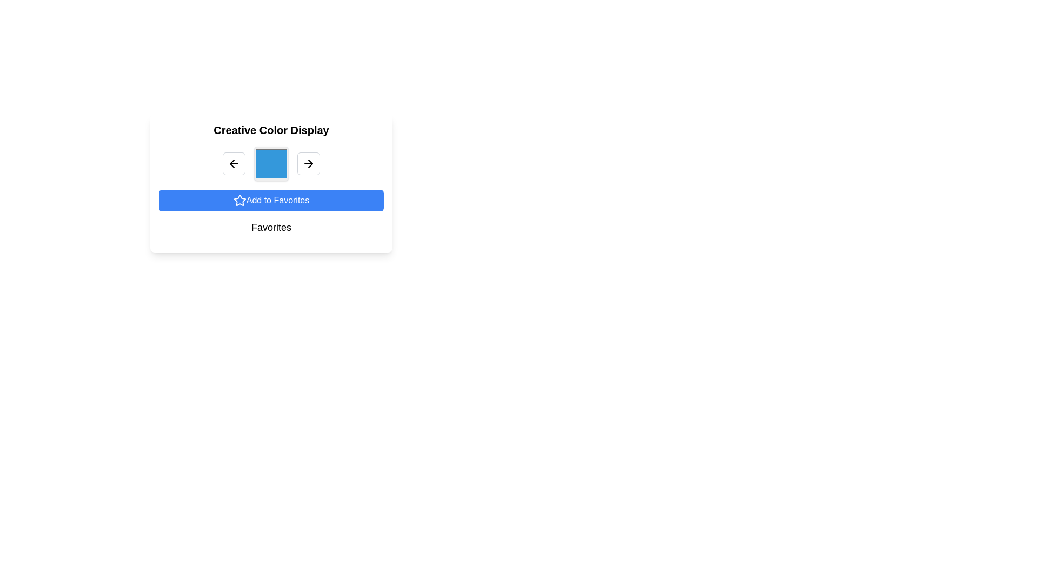 Image resolution: width=1038 pixels, height=584 pixels. What do you see at coordinates (233, 164) in the screenshot?
I see `the button located to the far left of the horizontal row of interactive elements, which features a leftward-pointing arrow` at bounding box center [233, 164].